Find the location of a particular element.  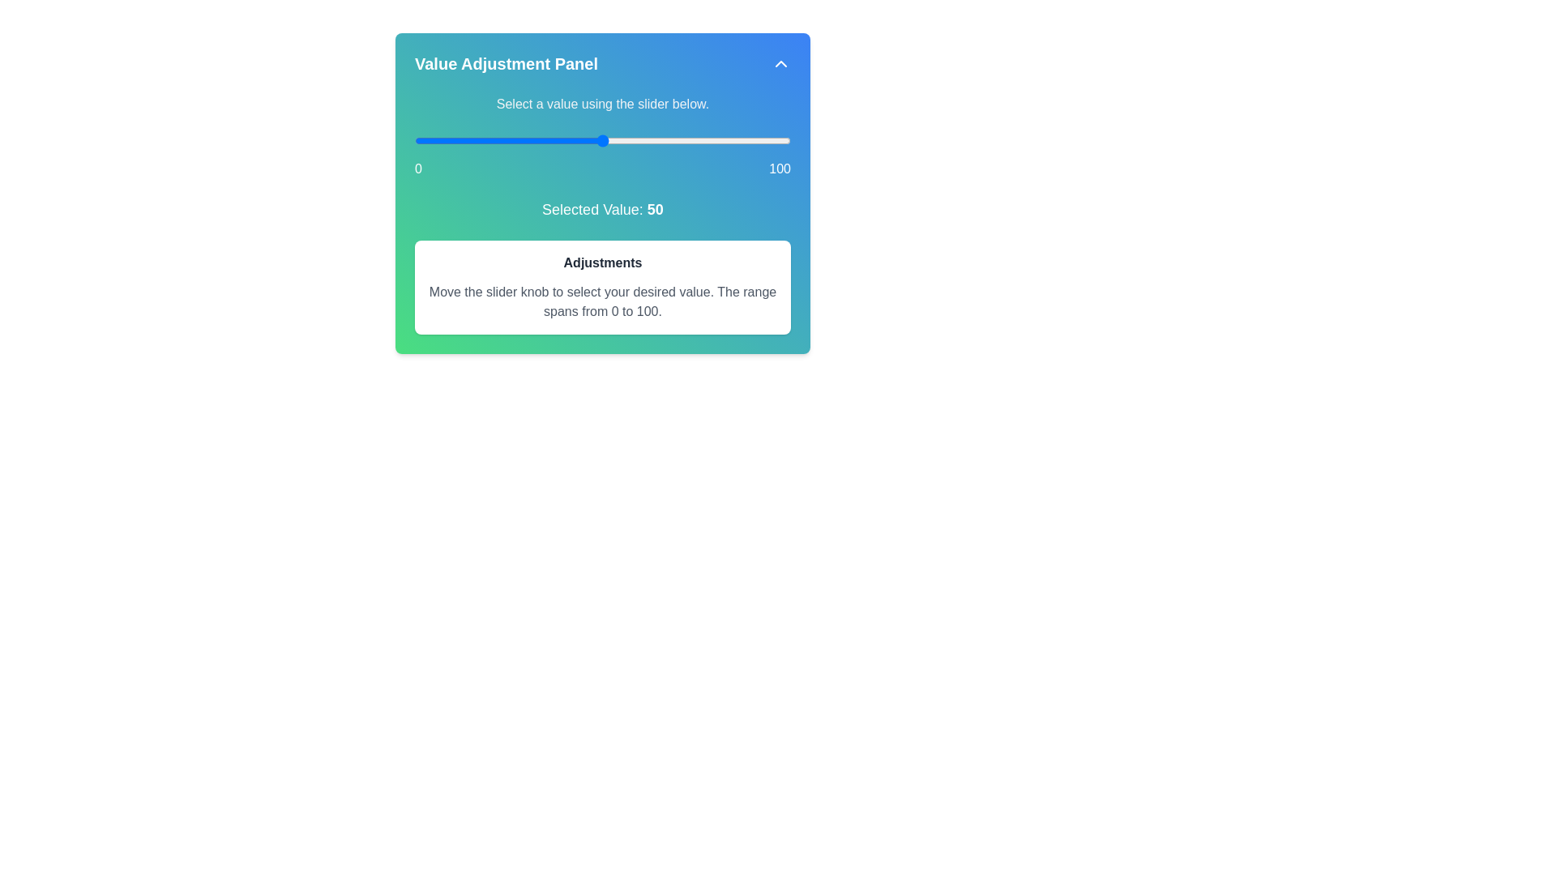

the slider value is located at coordinates (598, 139).